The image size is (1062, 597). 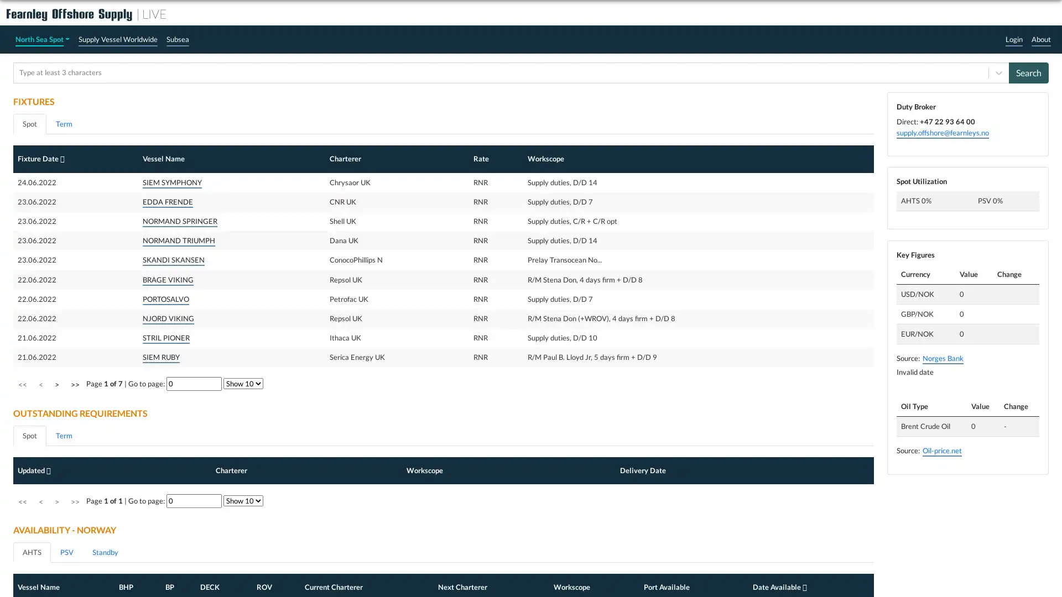 What do you see at coordinates (23, 384) in the screenshot?
I see `<<` at bounding box center [23, 384].